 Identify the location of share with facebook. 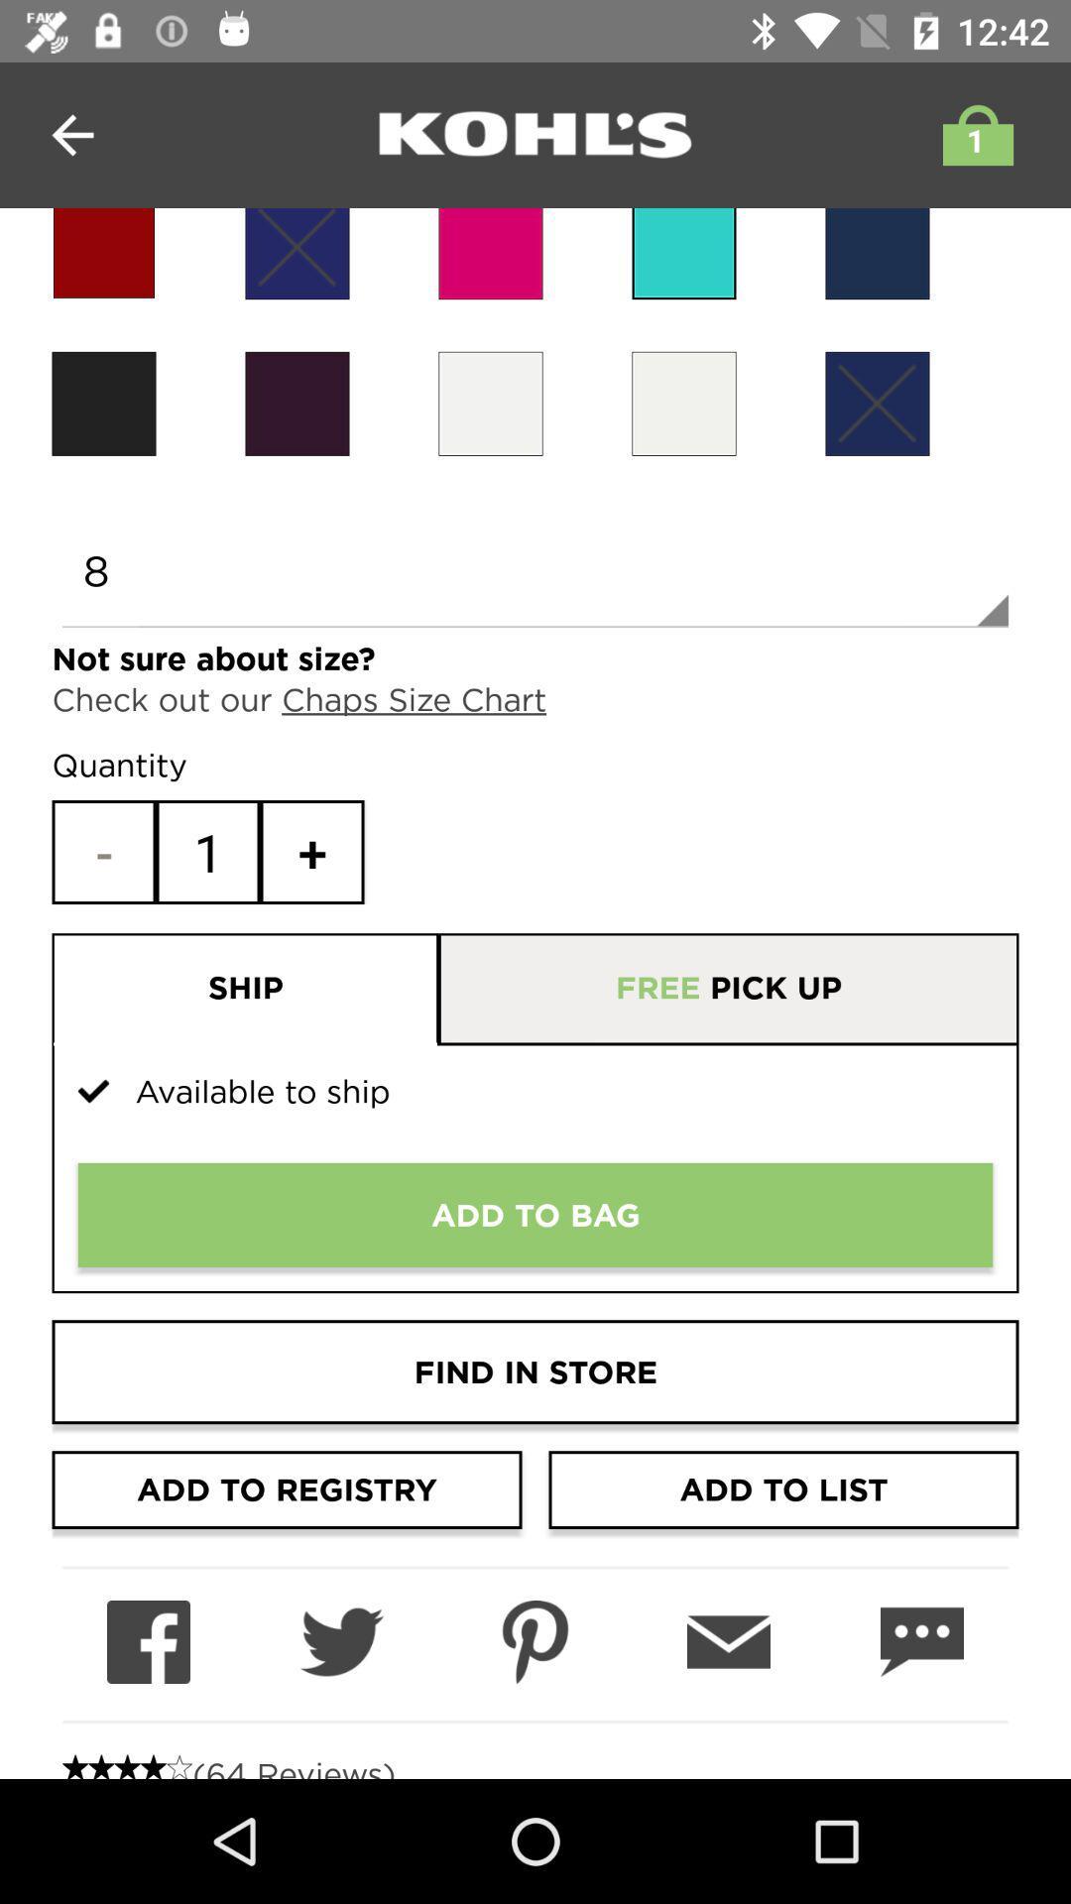
(148, 1642).